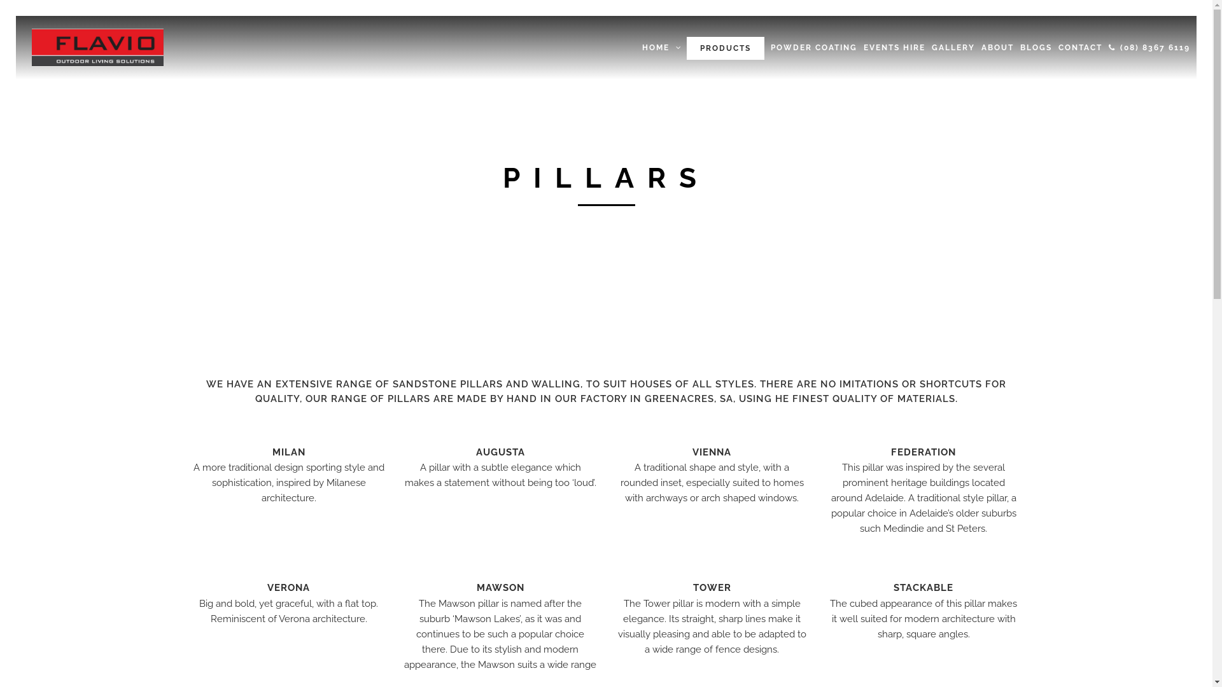 The width and height of the screenshot is (1222, 687). I want to click on 'EVENTS HIRE', so click(894, 46).